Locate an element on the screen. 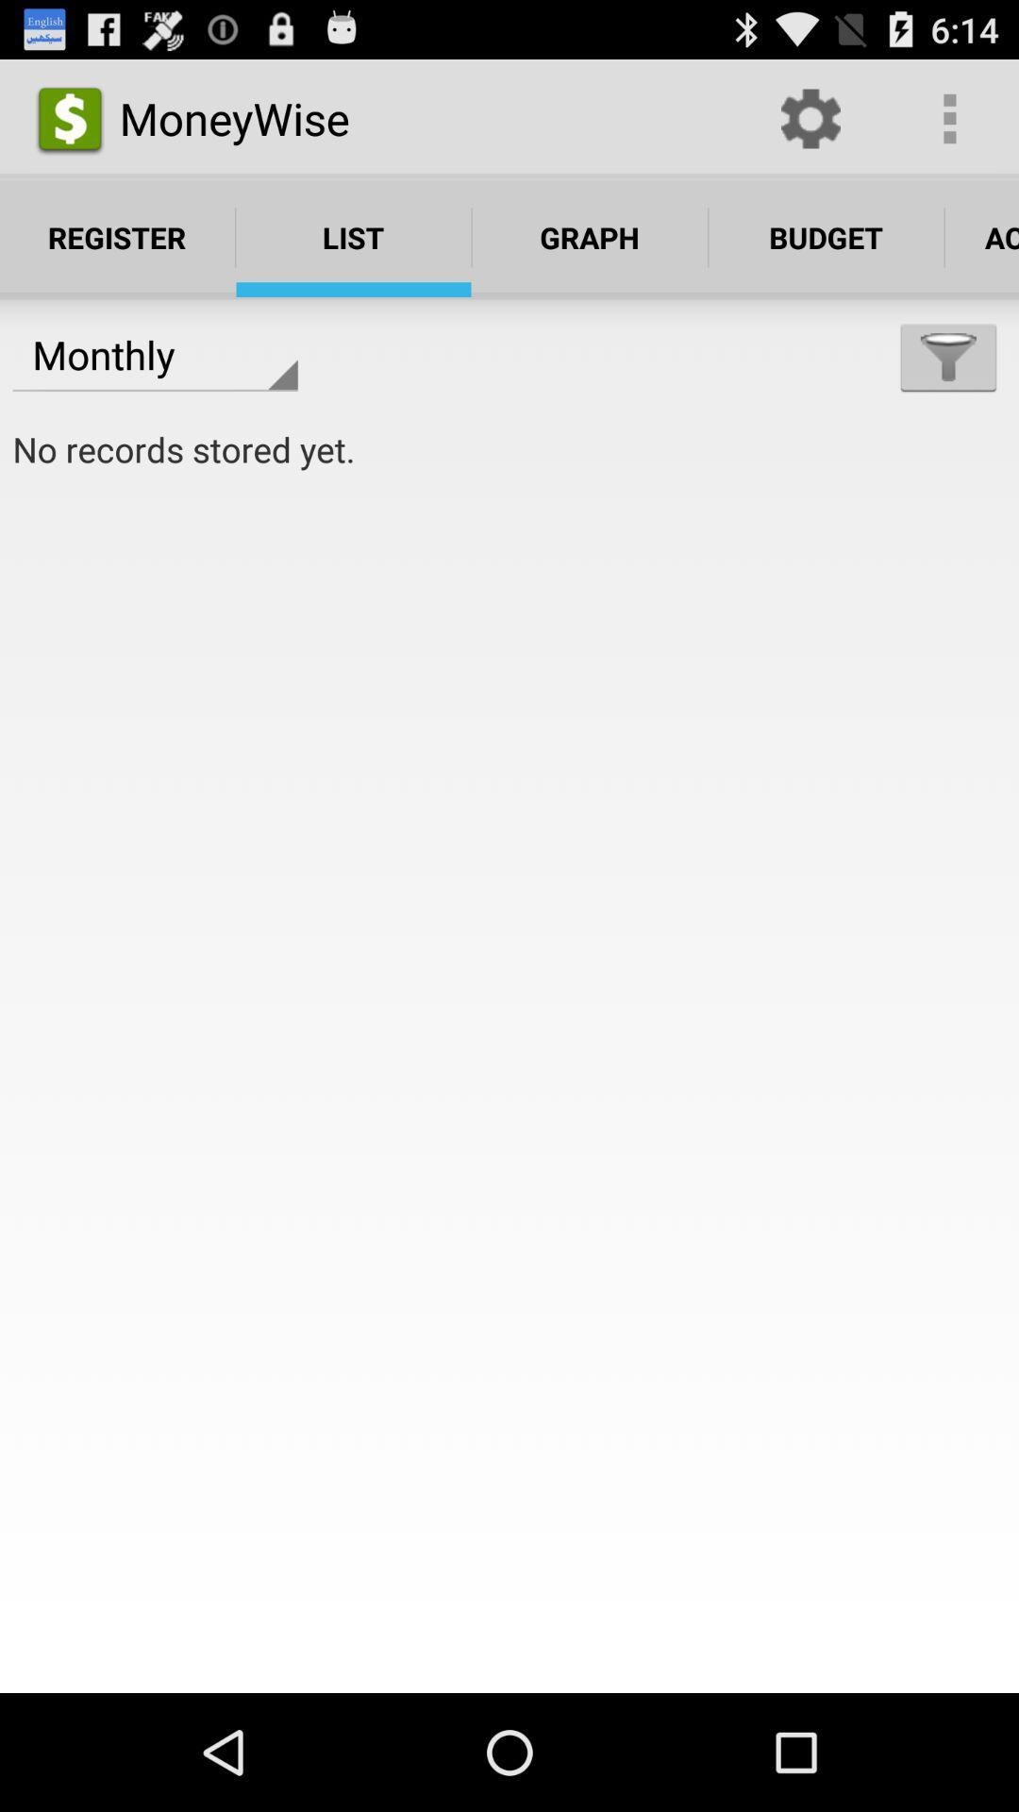 This screenshot has width=1019, height=1812. the filter icon is located at coordinates (948, 381).